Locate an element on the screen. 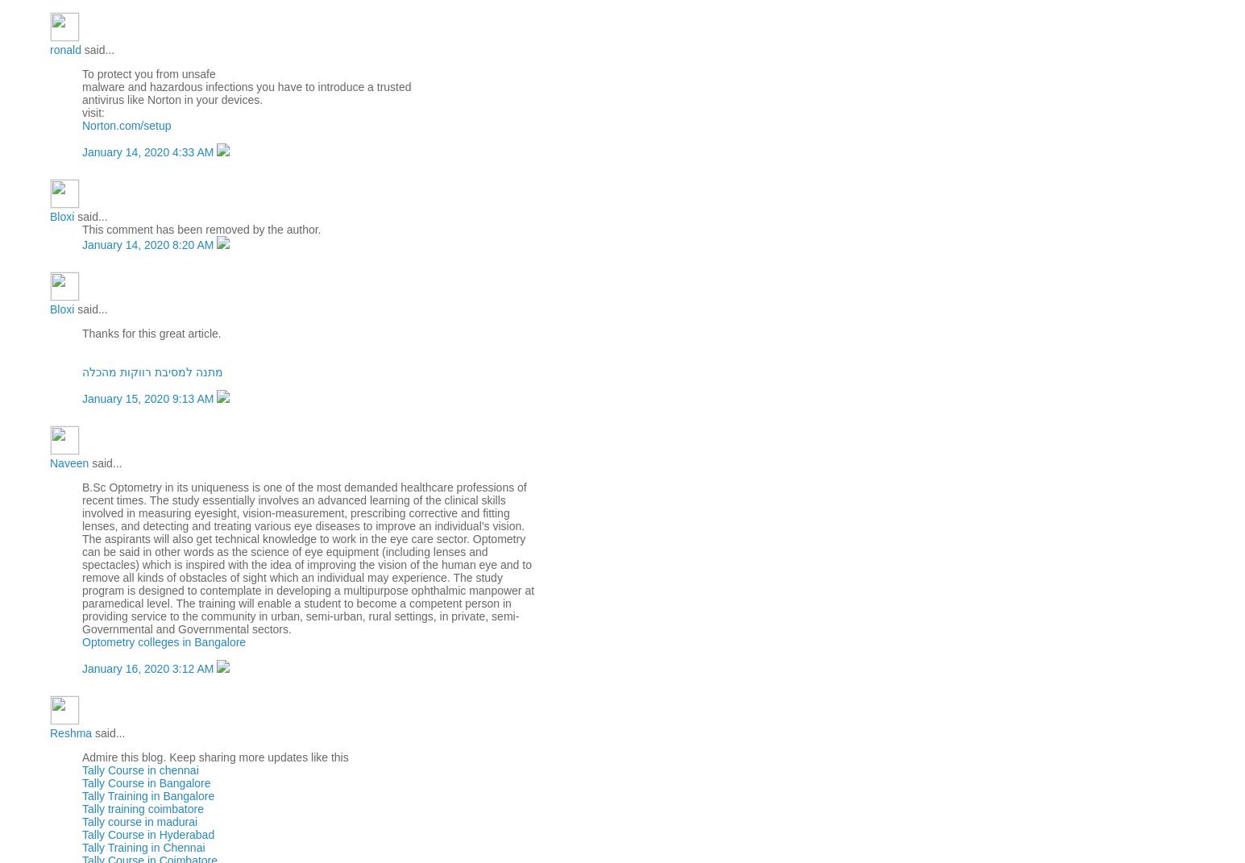  'Tally Training in Bangalore' is located at coordinates (148, 795).